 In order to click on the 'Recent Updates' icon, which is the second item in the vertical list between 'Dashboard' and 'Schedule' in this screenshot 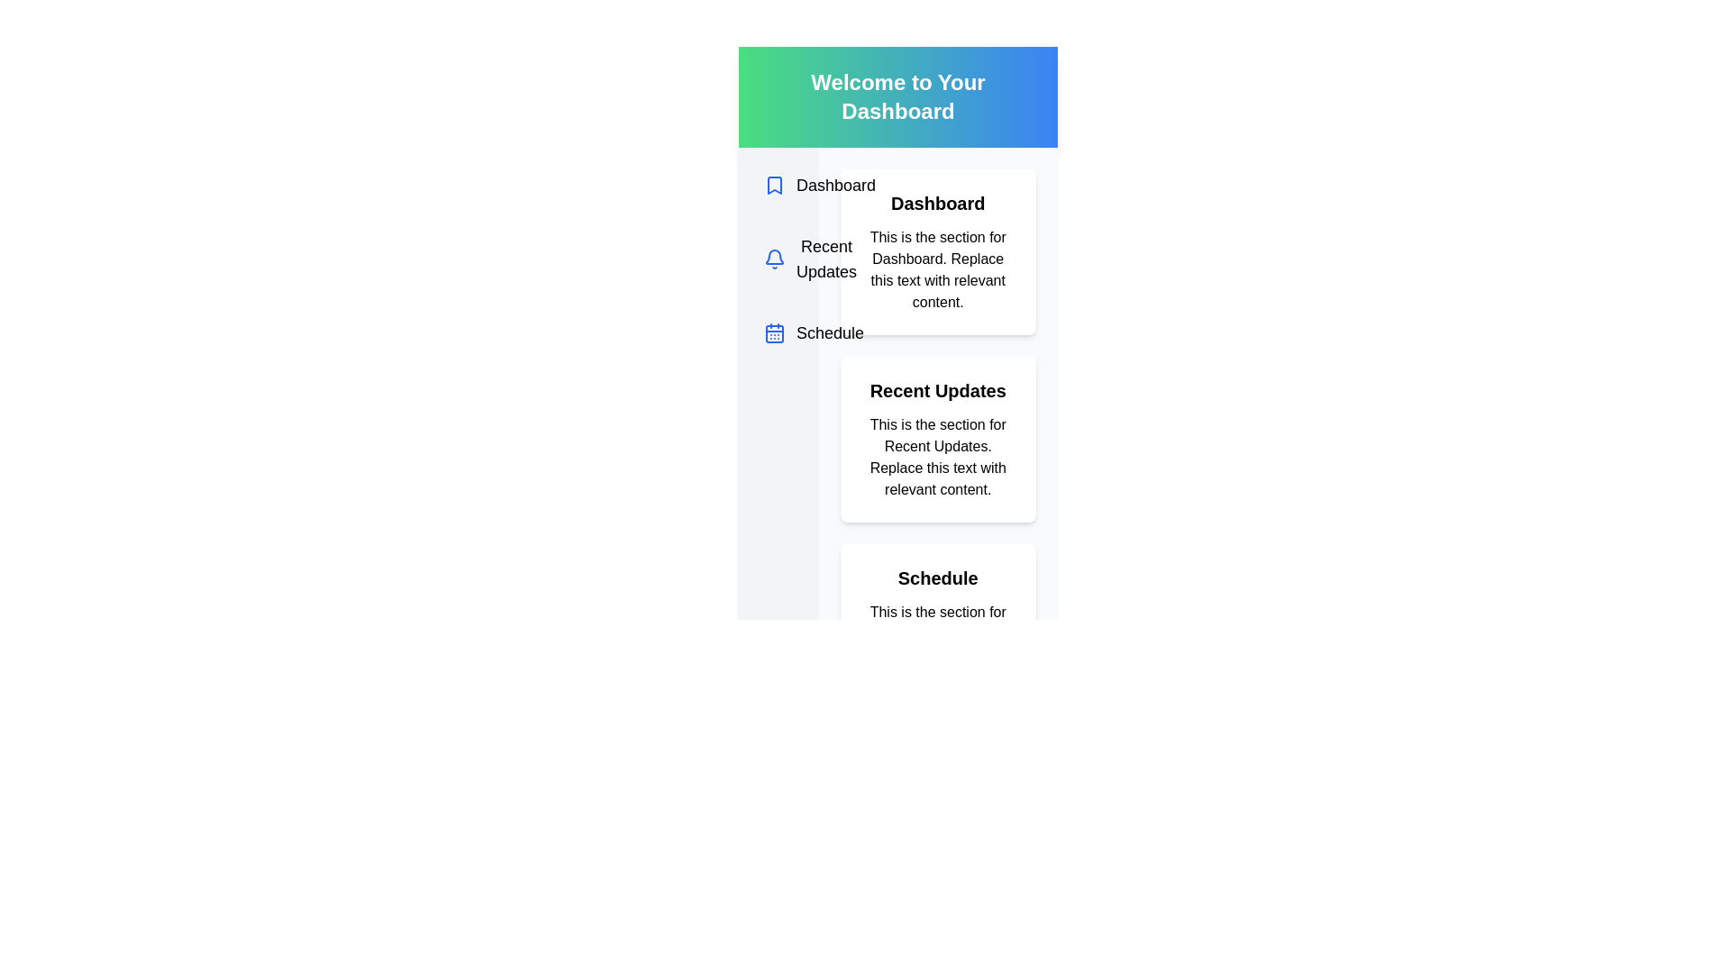, I will do `click(778, 259)`.